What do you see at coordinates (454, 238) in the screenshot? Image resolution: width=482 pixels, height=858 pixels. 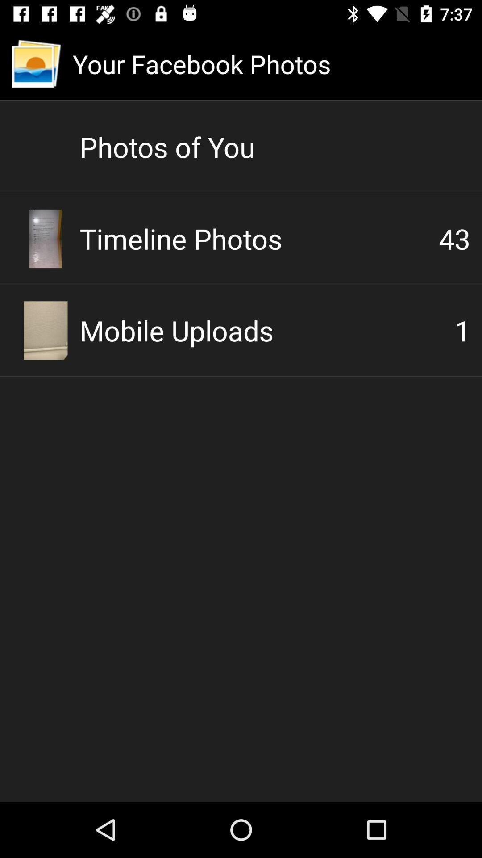 I see `the app to the right of timeline photos app` at bounding box center [454, 238].